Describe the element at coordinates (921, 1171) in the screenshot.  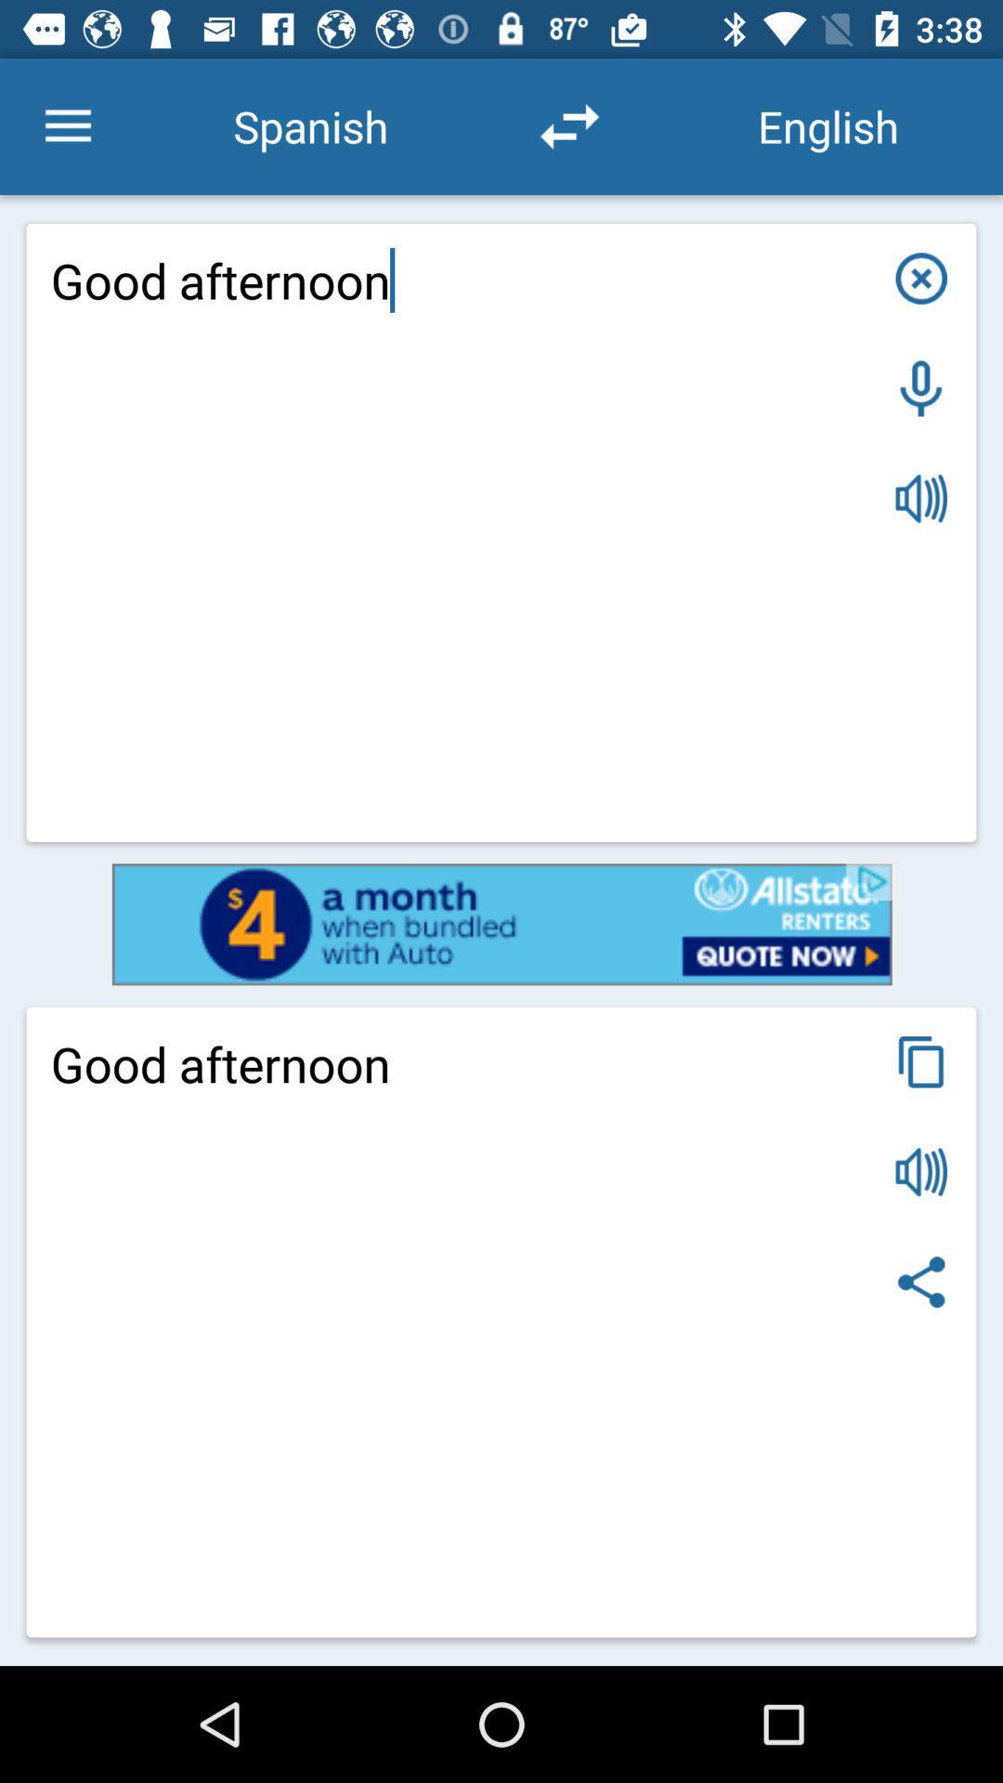
I see `go back` at that location.